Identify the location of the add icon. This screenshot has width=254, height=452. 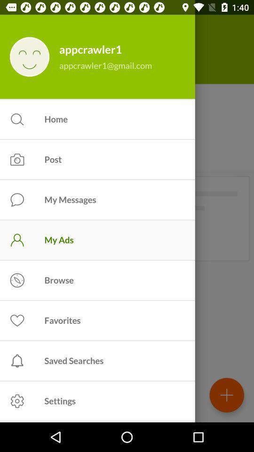
(226, 395).